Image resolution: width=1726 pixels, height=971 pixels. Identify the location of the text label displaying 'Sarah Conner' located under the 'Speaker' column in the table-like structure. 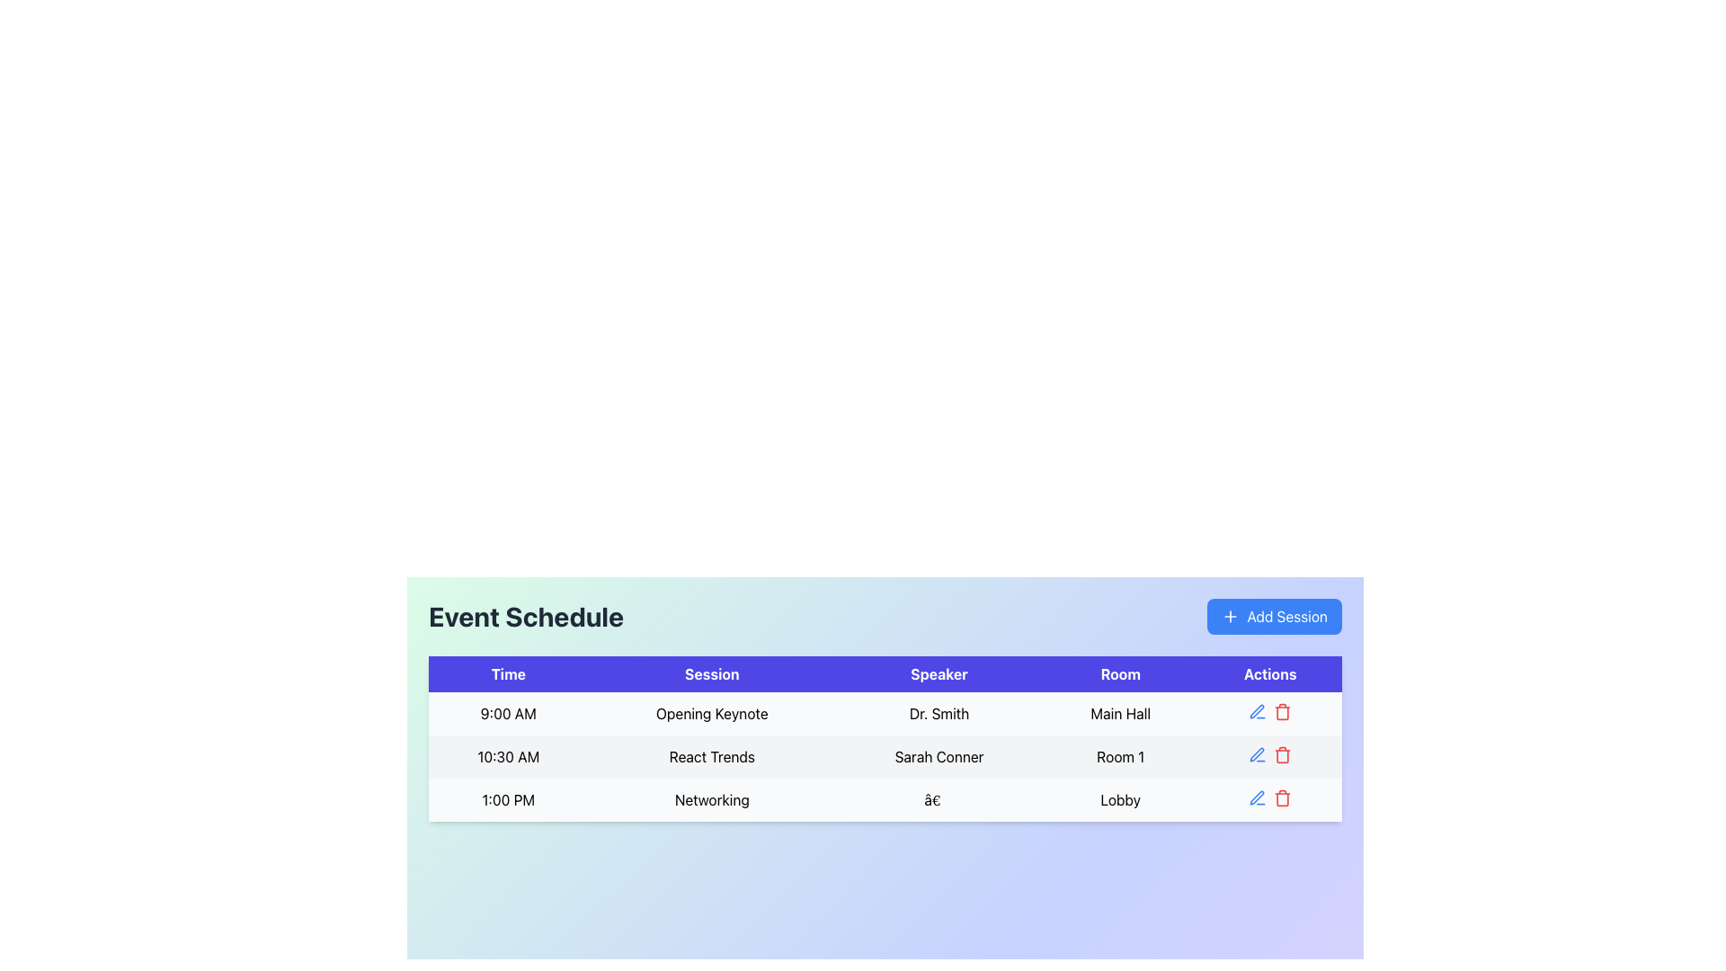
(939, 756).